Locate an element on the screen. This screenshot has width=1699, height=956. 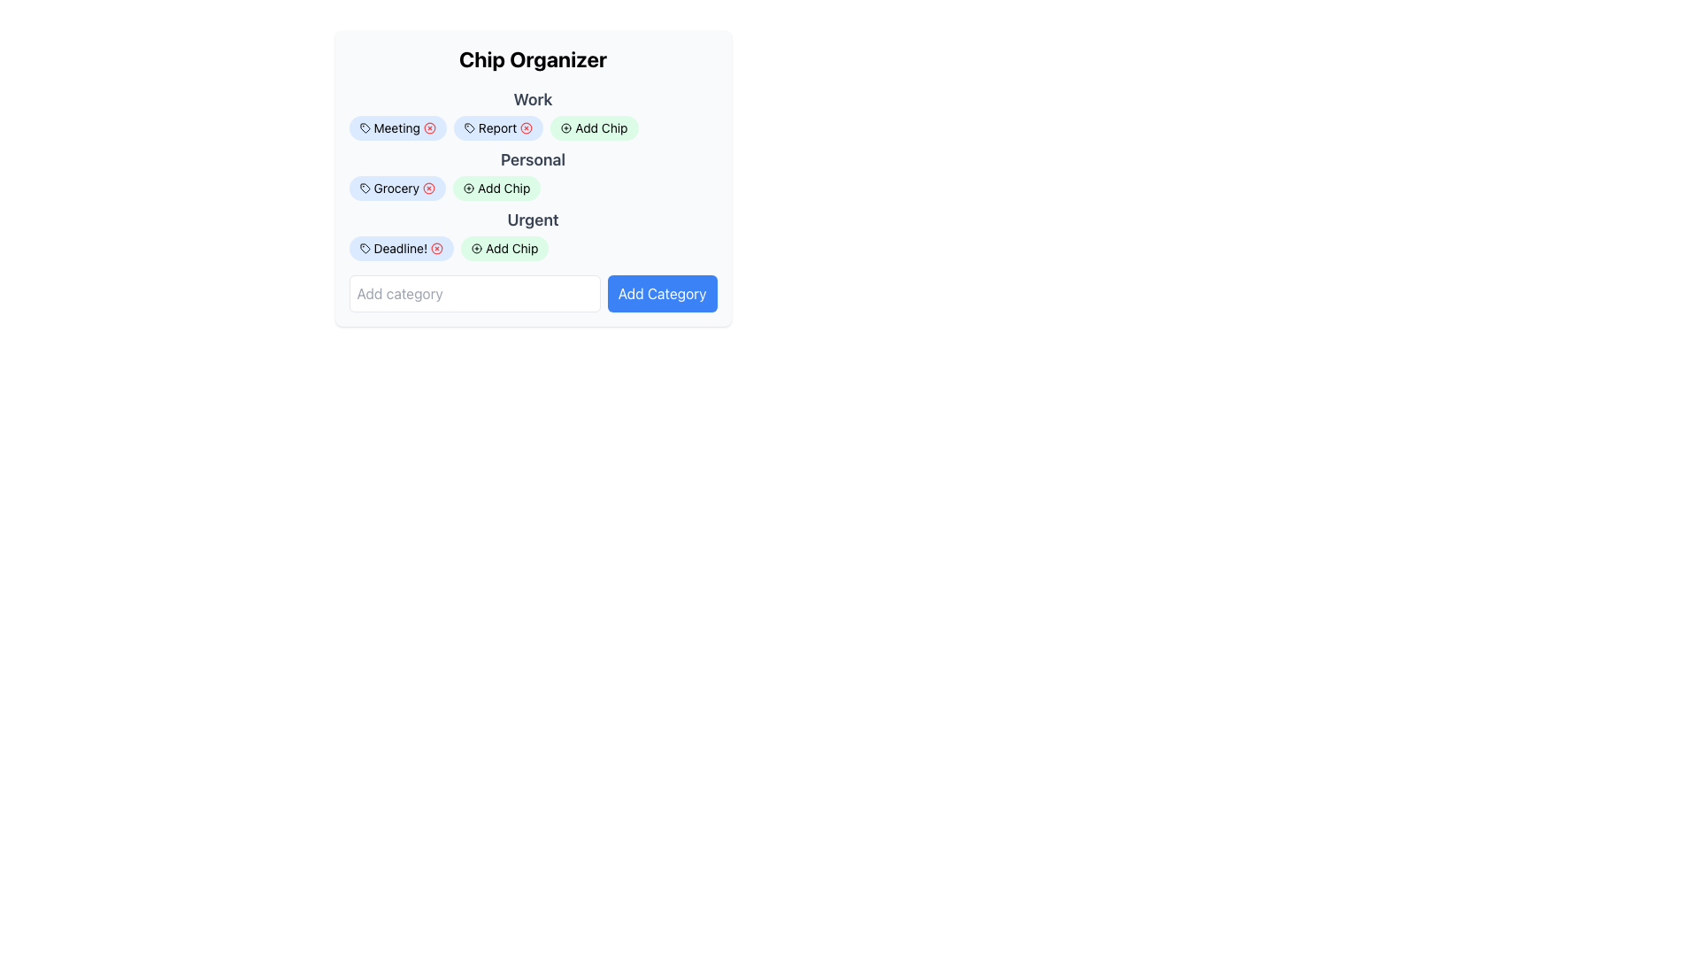
the red circular Close/Delete Button with a white background and a red 'X' in the second row under the 'Personal' header is located at coordinates (429, 188).